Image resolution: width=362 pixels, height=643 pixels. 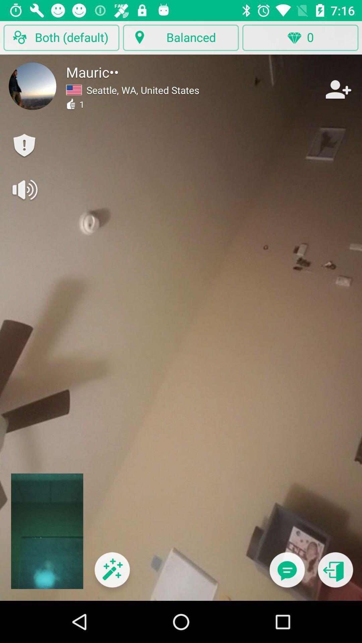 I want to click on volume, so click(x=24, y=189).